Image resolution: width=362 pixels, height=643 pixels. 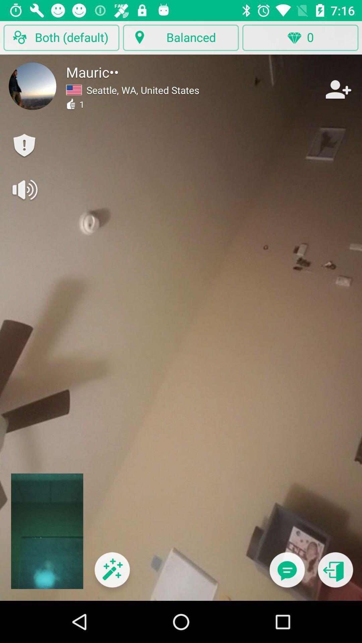 I want to click on volume, so click(x=24, y=189).